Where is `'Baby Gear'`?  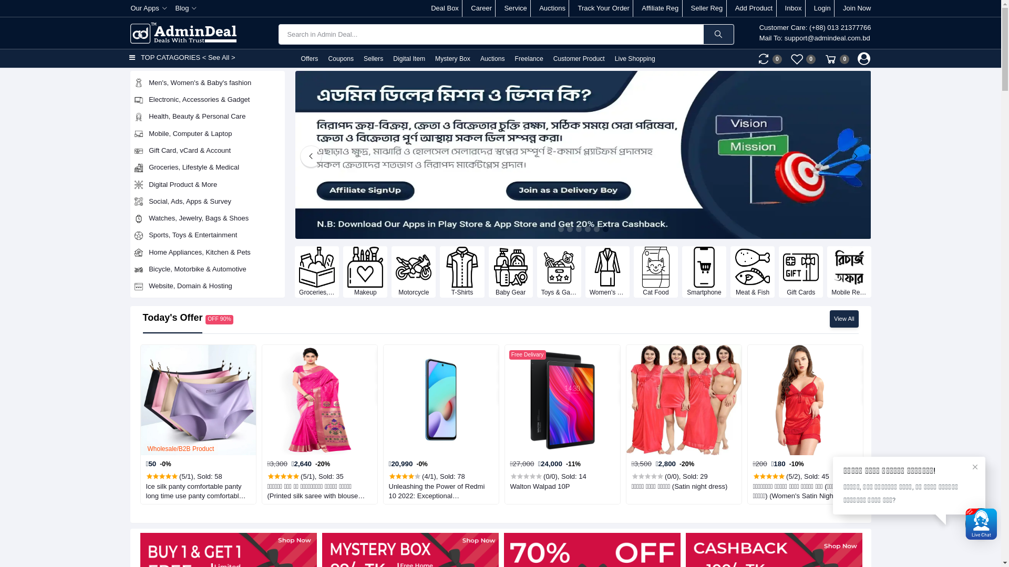 'Baby Gear' is located at coordinates (510, 271).